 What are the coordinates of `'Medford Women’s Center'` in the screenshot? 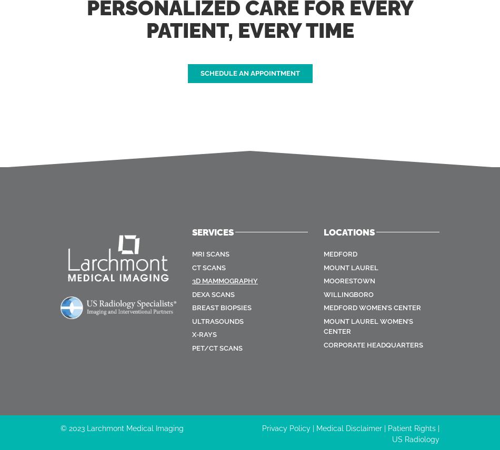 It's located at (372, 308).